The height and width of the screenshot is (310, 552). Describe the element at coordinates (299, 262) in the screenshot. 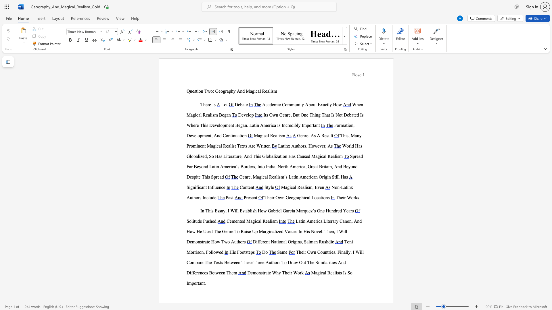

I see `the subset text "Ou" within the text "Draw Out"` at that location.